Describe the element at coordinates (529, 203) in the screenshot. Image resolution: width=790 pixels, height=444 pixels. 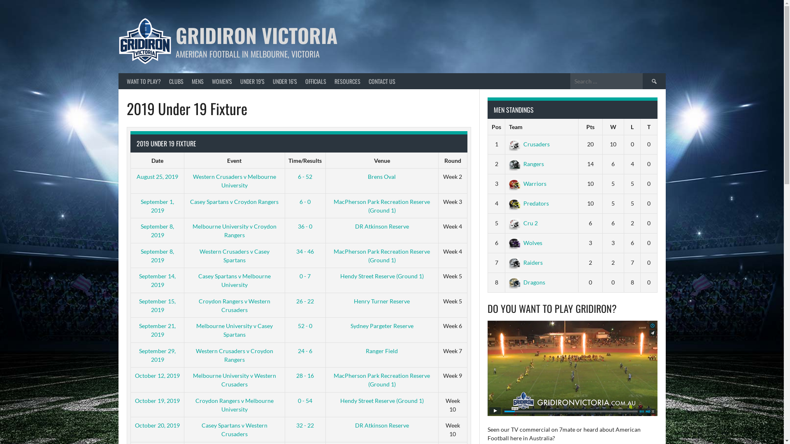
I see `'Predators'` at that location.